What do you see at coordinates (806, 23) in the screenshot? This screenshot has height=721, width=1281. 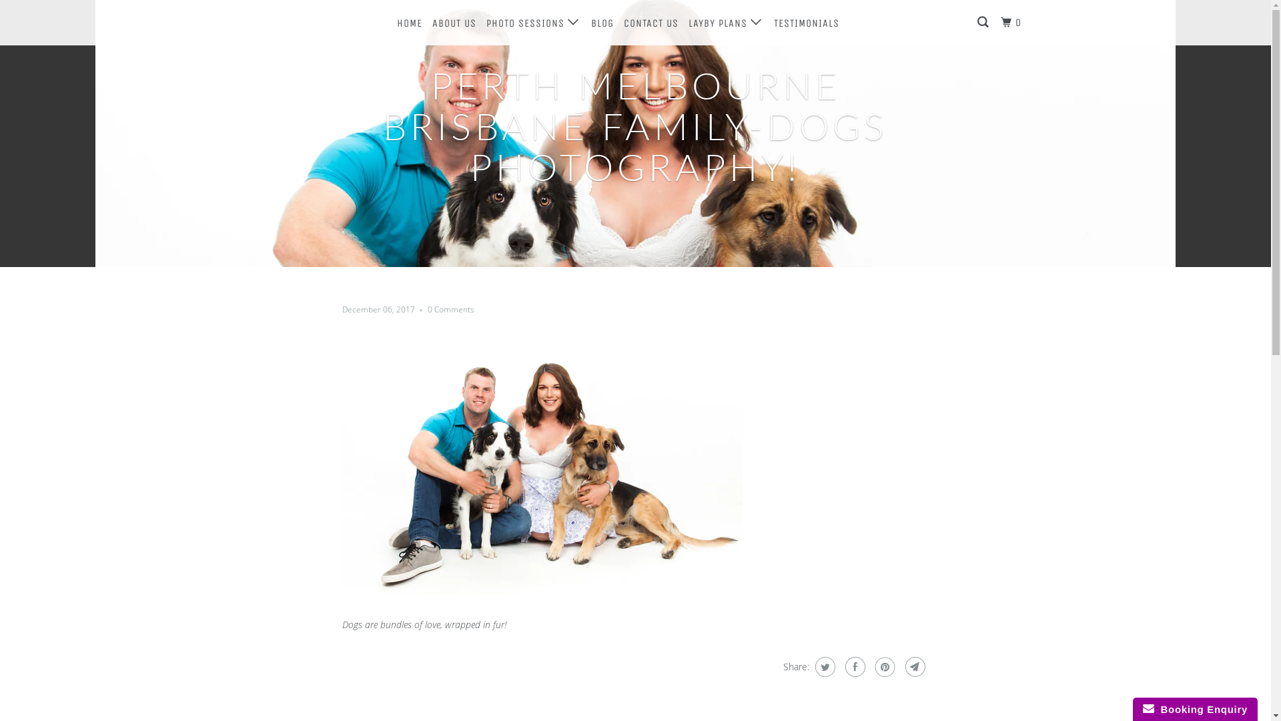 I see `'TESTIMONIALS'` at bounding box center [806, 23].